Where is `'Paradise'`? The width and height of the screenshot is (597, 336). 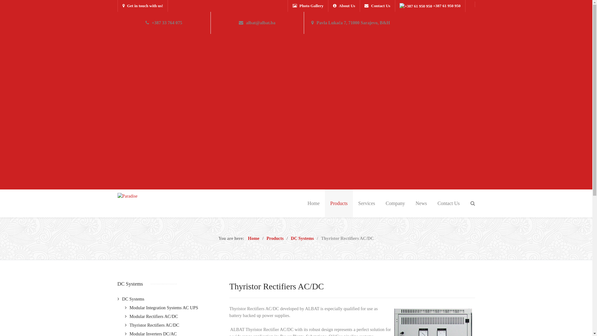 'Paradise' is located at coordinates (127, 195).